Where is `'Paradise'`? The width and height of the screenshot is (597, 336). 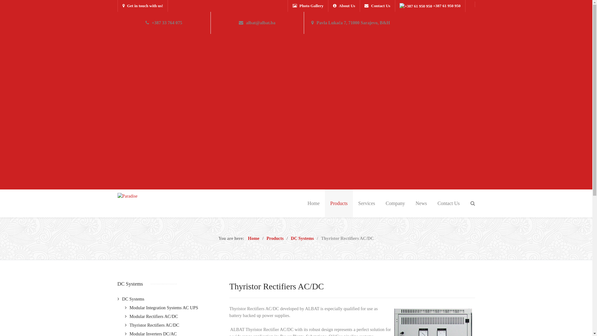 'Paradise' is located at coordinates (127, 195).